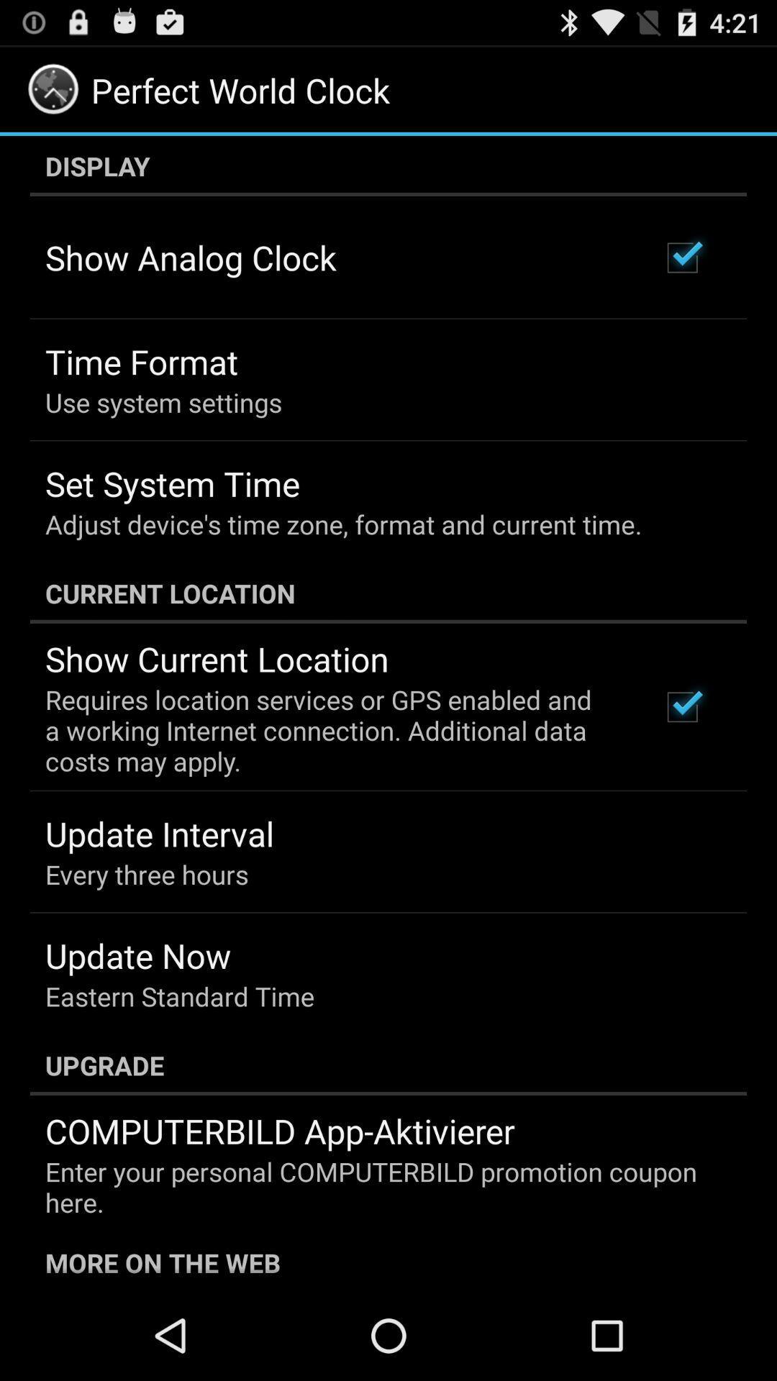  Describe the element at coordinates (163, 402) in the screenshot. I see `the use system settings item` at that location.